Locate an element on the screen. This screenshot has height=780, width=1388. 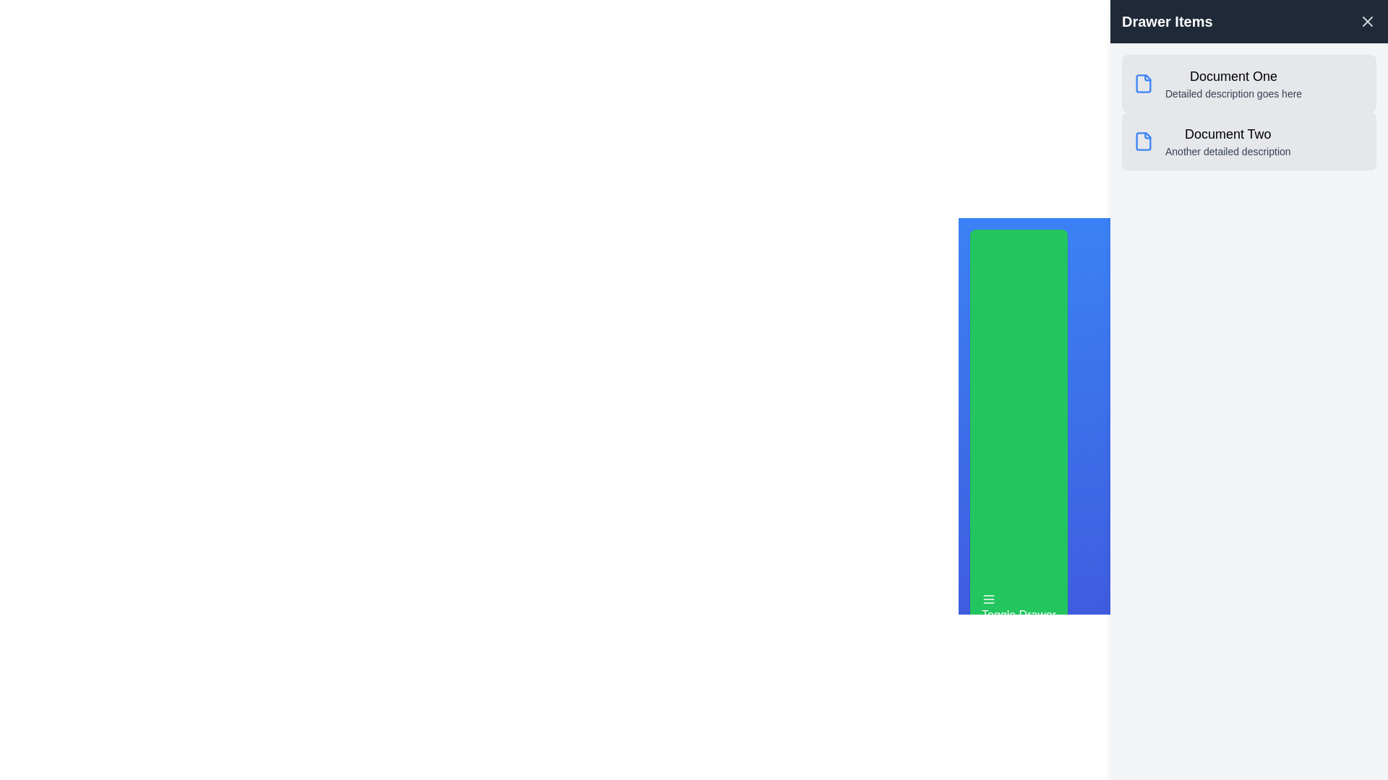
the toggle button to toggle the drawer's visibility is located at coordinates (1018, 607).